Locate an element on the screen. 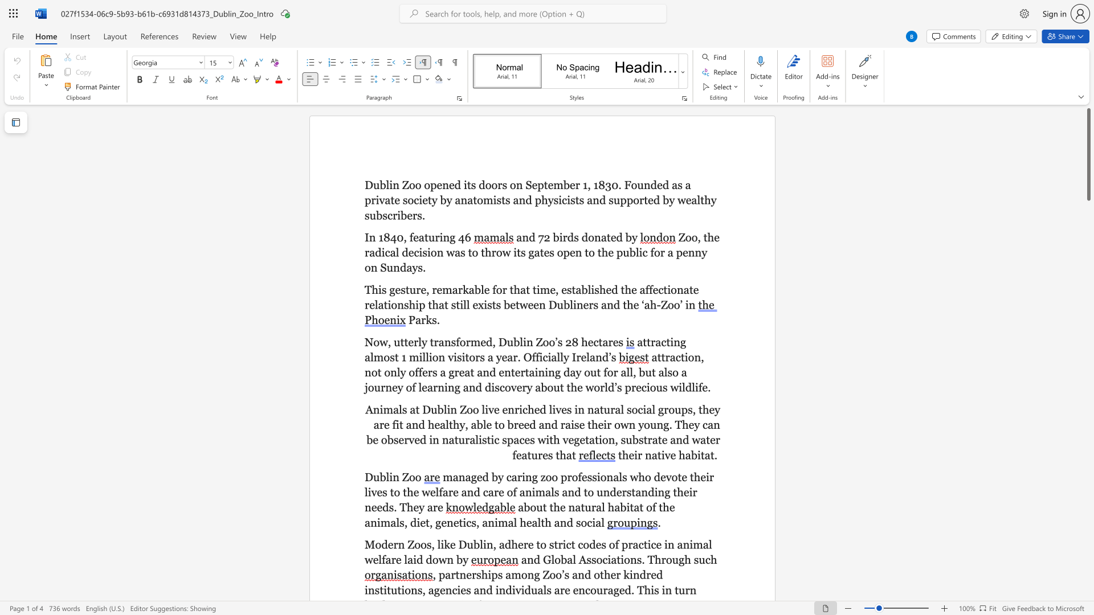 This screenshot has height=615, width=1094. the 1th character "e" in the text is located at coordinates (631, 454).